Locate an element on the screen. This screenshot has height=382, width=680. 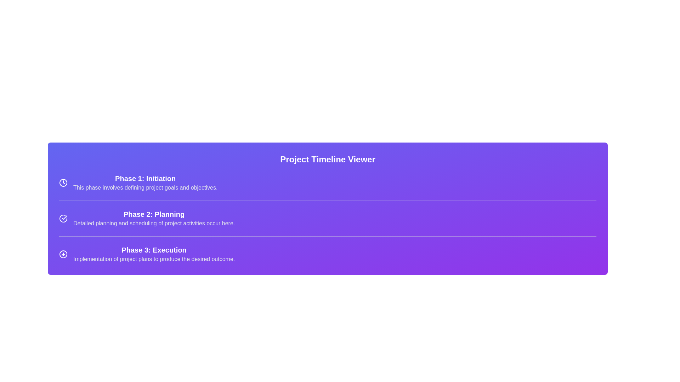
the Horizontal Divider Line that separates 'Phase 1' and 'Phase 2' in the project timeline viewer is located at coordinates (327, 201).